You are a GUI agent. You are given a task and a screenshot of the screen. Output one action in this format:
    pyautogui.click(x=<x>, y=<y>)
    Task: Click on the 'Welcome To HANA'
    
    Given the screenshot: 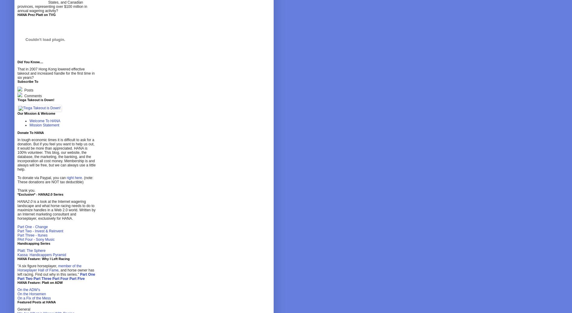 What is the action you would take?
    pyautogui.click(x=45, y=121)
    